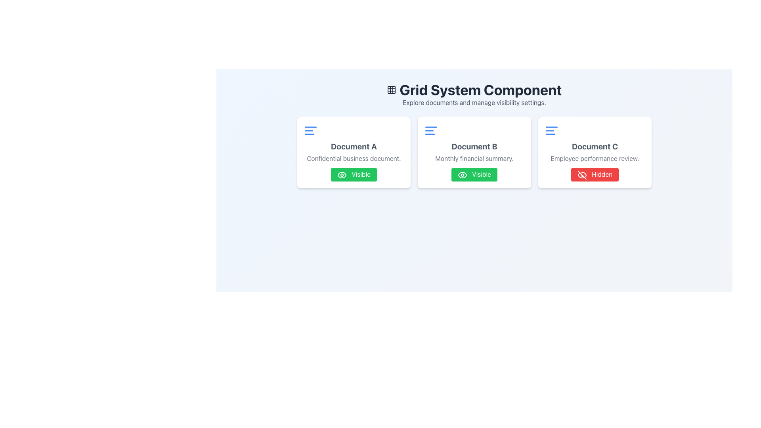 The height and width of the screenshot is (428, 761). What do you see at coordinates (353, 159) in the screenshot?
I see `the text label displaying 'Confidential business document.' which is located beneath the heading 'Document A' in the white card component` at bounding box center [353, 159].